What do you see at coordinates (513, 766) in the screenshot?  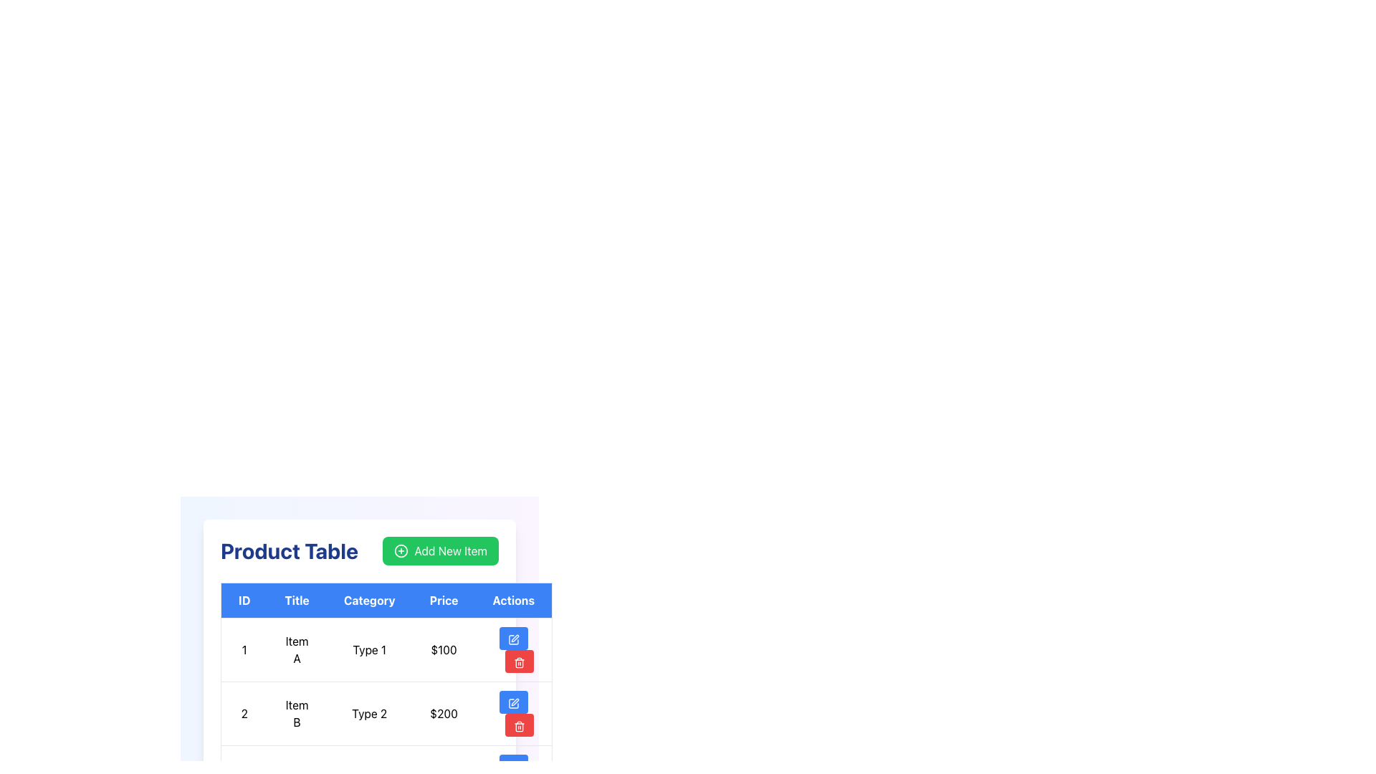 I see `the square icon button with a pen-shaped overlay located in the 'Actions' column of the table, associated with the second row's data` at bounding box center [513, 766].